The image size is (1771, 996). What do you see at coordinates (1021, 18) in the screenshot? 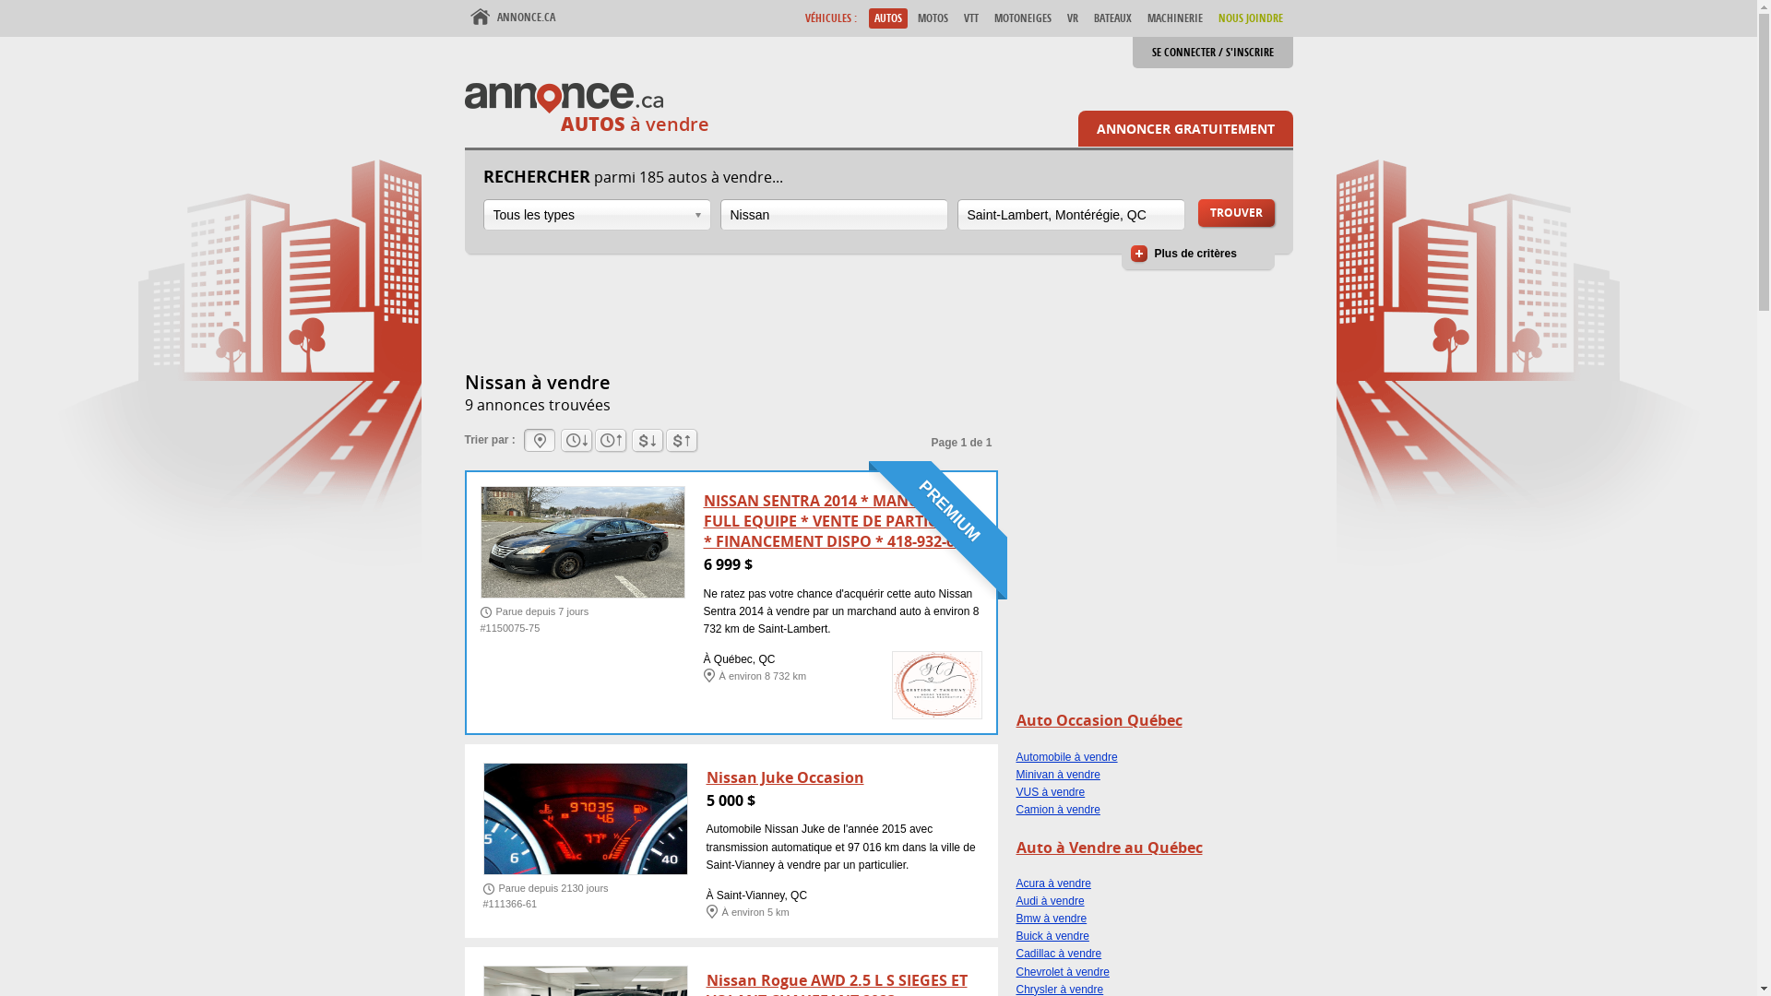
I see `'MOTONEIGES'` at bounding box center [1021, 18].